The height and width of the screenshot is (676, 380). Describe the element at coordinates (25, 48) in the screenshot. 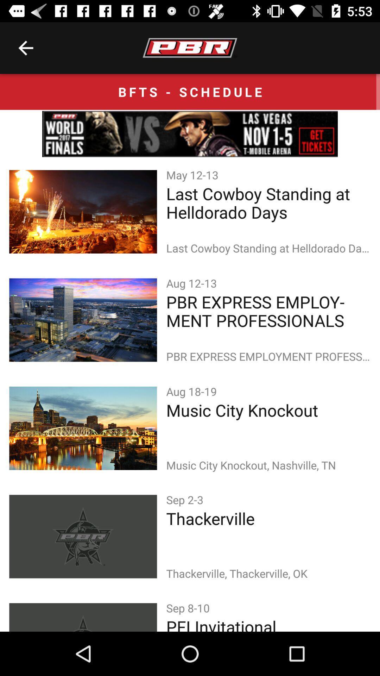

I see `item above bfts - schedule item` at that location.